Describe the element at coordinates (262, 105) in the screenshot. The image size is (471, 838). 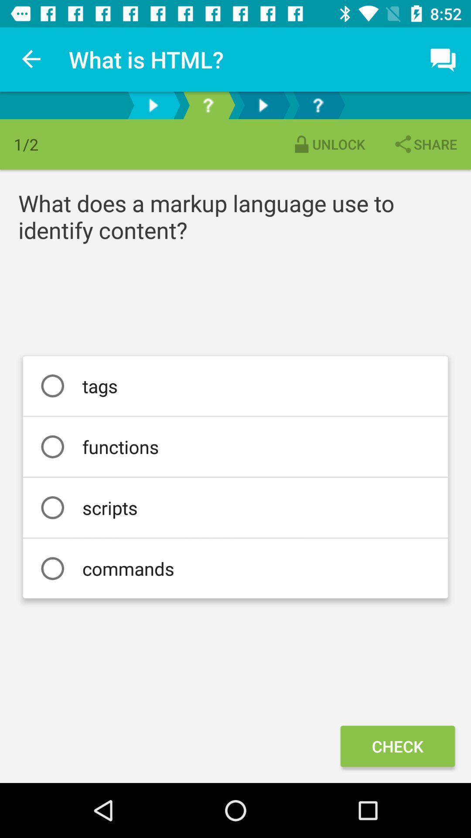
I see `next` at that location.